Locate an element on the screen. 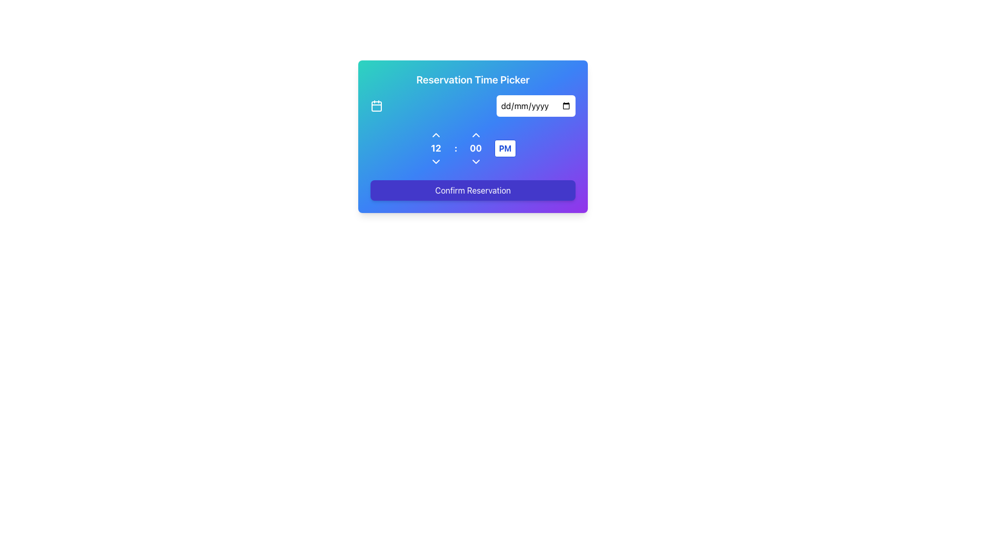 This screenshot has height=553, width=984. the decorative graphical component that is part of the calendar icon, specifically the rectangular body with rounded corners located near the top left corner of the reservation-related interface is located at coordinates (376, 107).